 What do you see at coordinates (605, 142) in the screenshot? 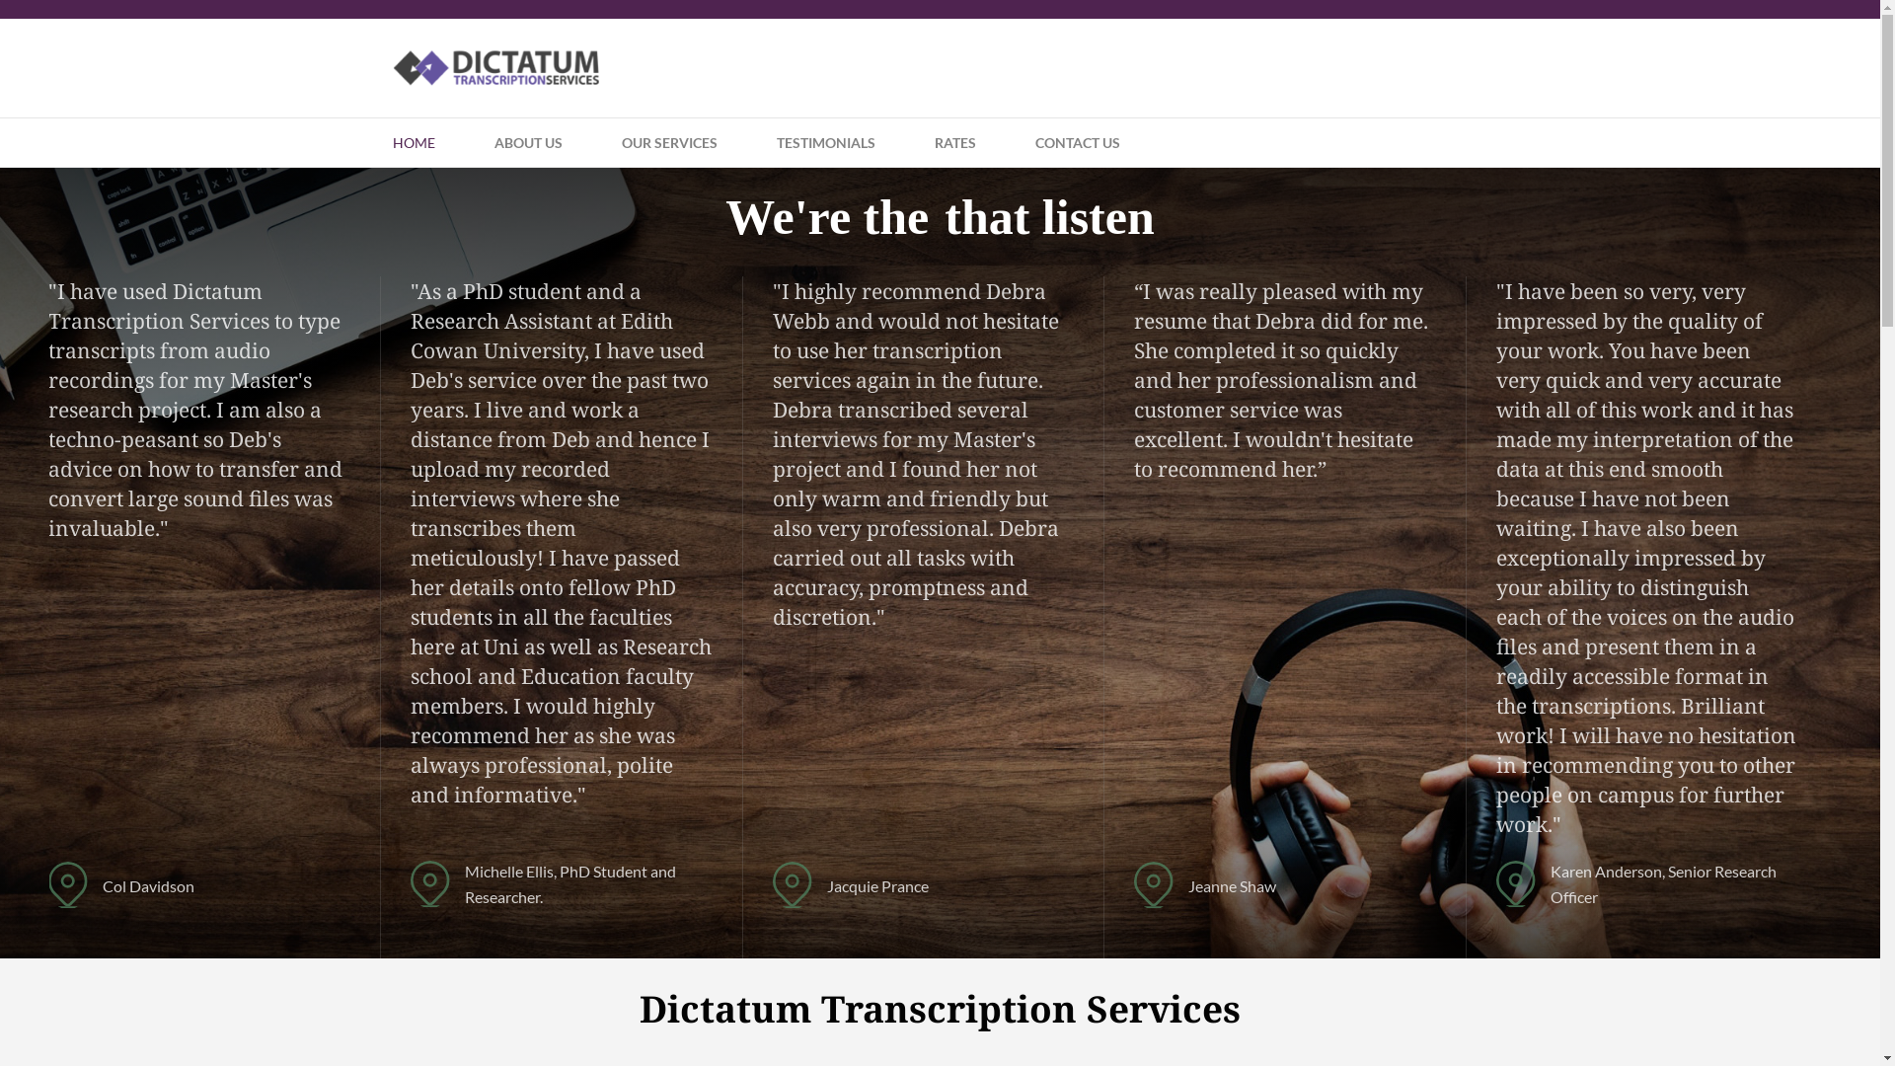
I see `'OUR SERVICES'` at bounding box center [605, 142].